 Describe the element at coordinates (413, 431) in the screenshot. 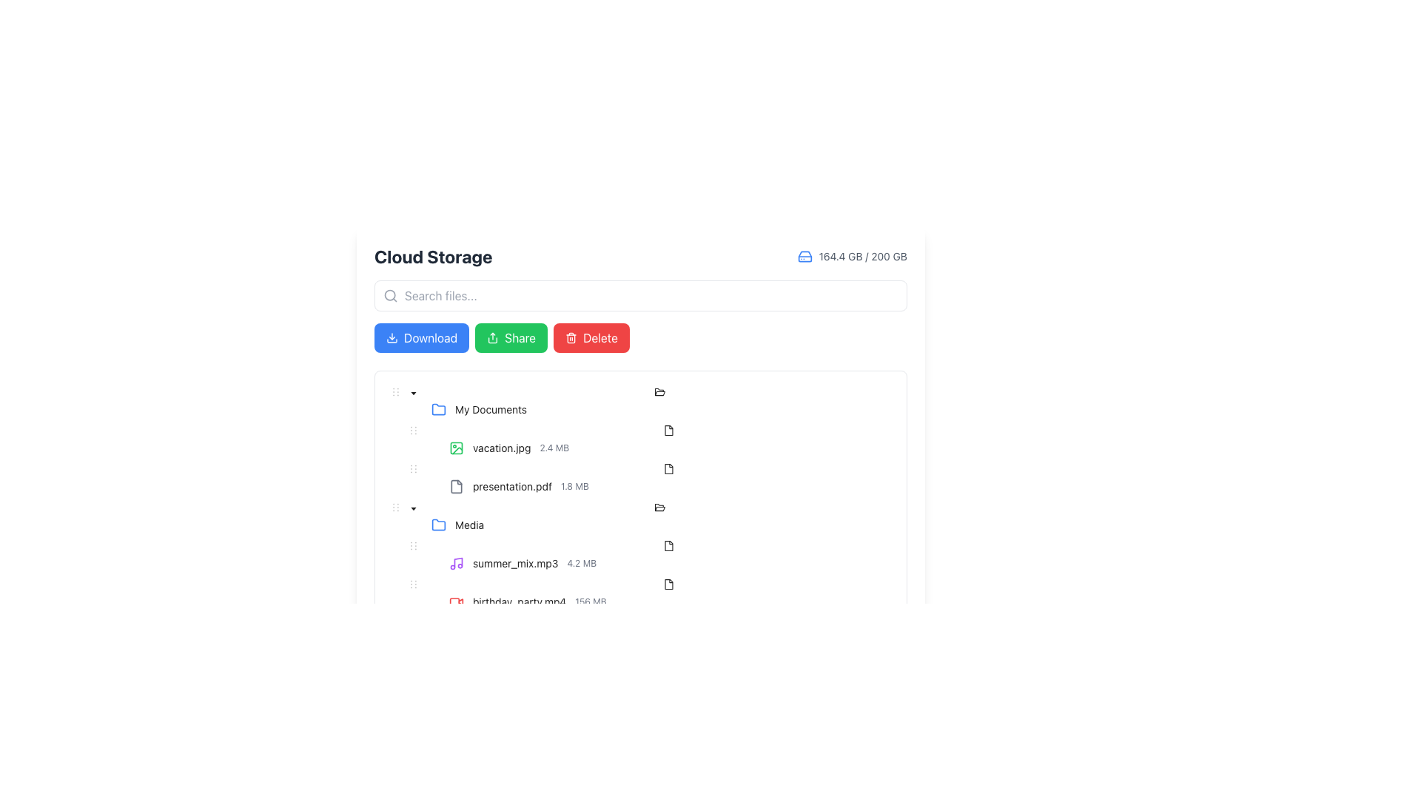

I see `the draggable handle located to the left of the entry labeled 'vacation.jpg 2.4 MB' in the 'My Documents' folder directory listing` at that location.